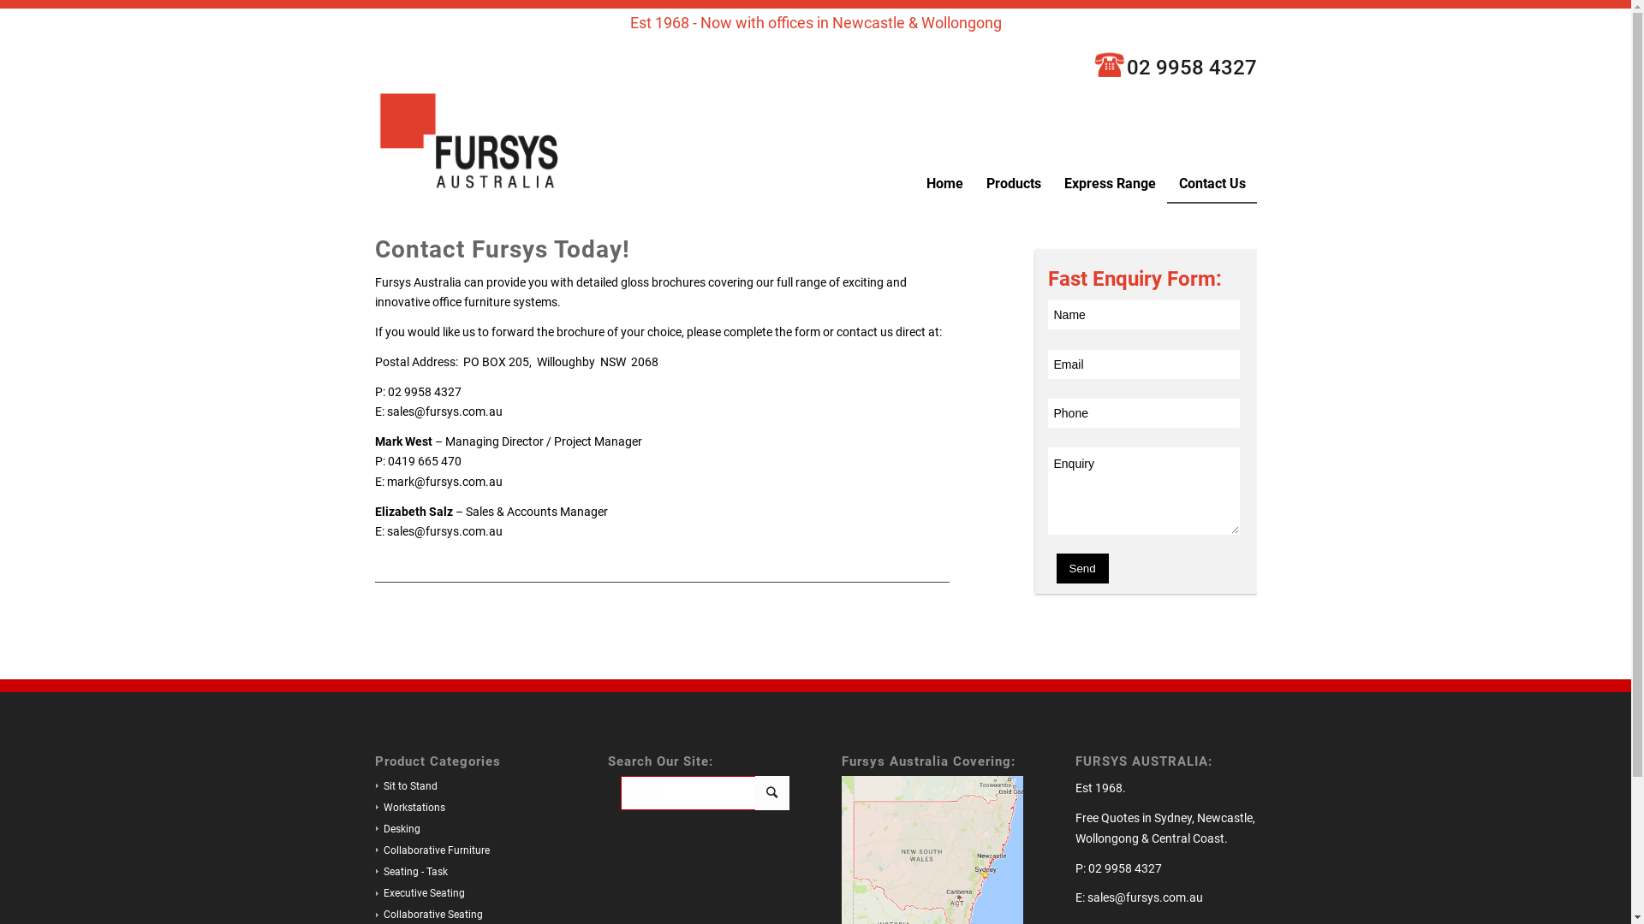  I want to click on 'Workstations', so click(373, 808).